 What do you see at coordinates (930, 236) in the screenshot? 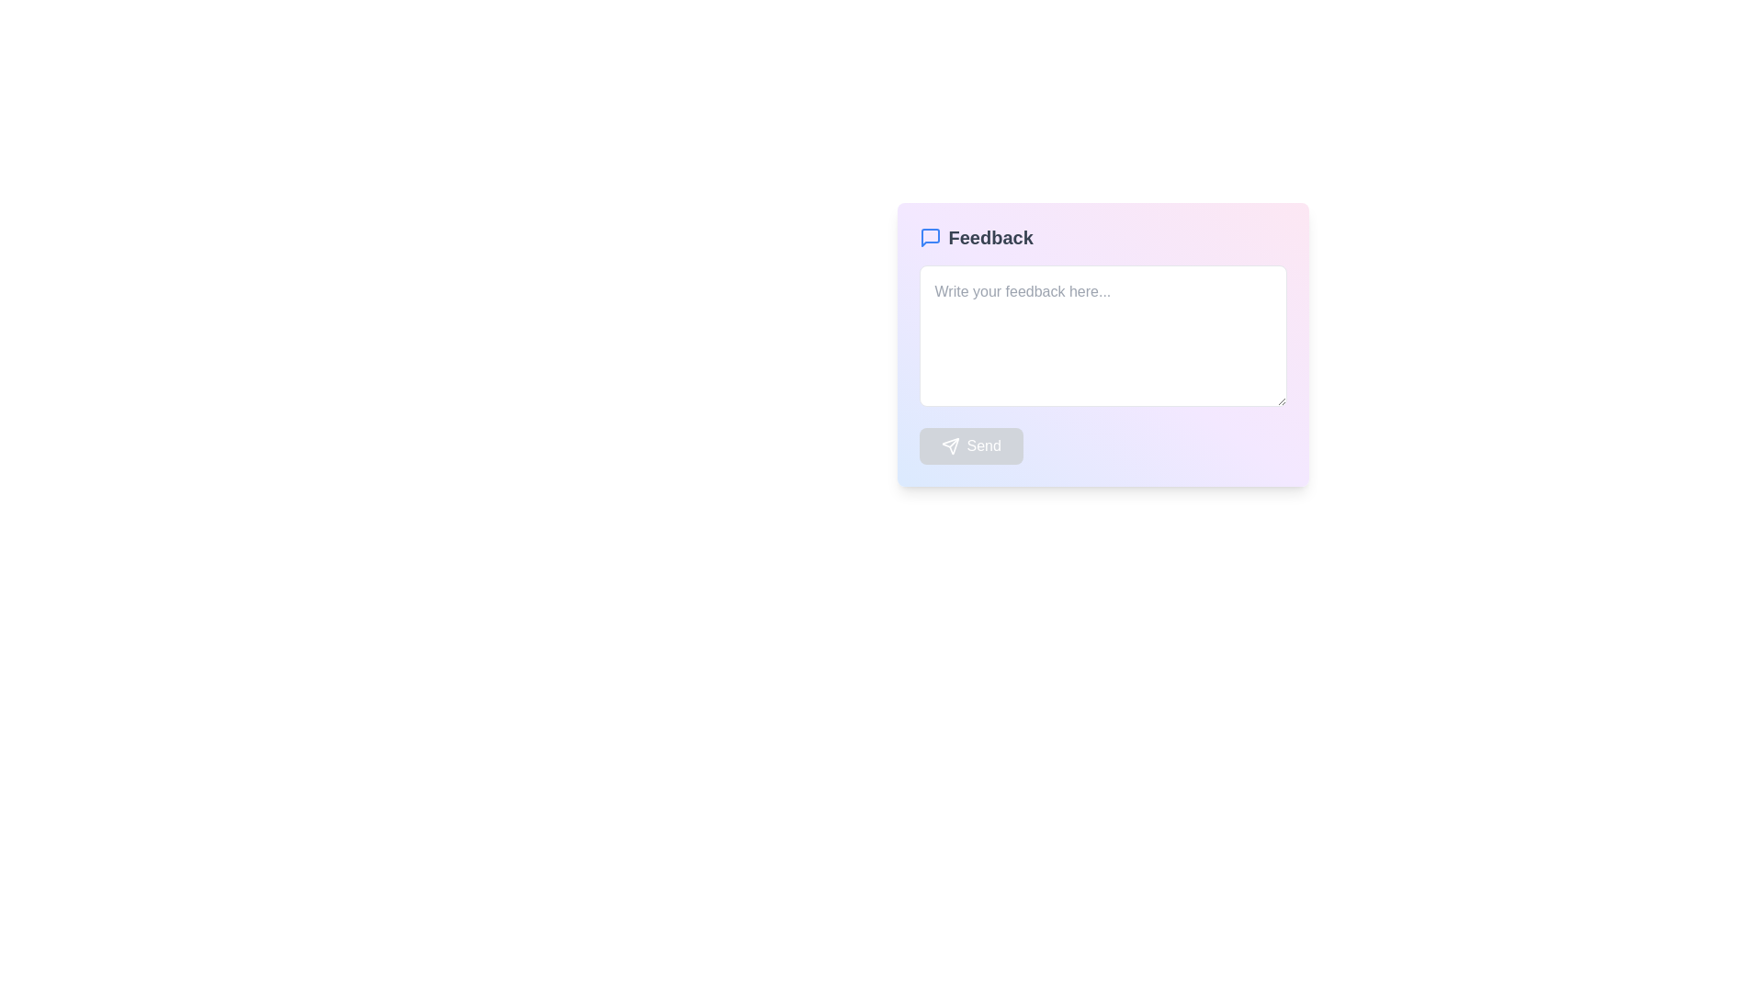
I see `the feedback icon located to the left of the title 'Feedback' in the feedback dialog box` at bounding box center [930, 236].